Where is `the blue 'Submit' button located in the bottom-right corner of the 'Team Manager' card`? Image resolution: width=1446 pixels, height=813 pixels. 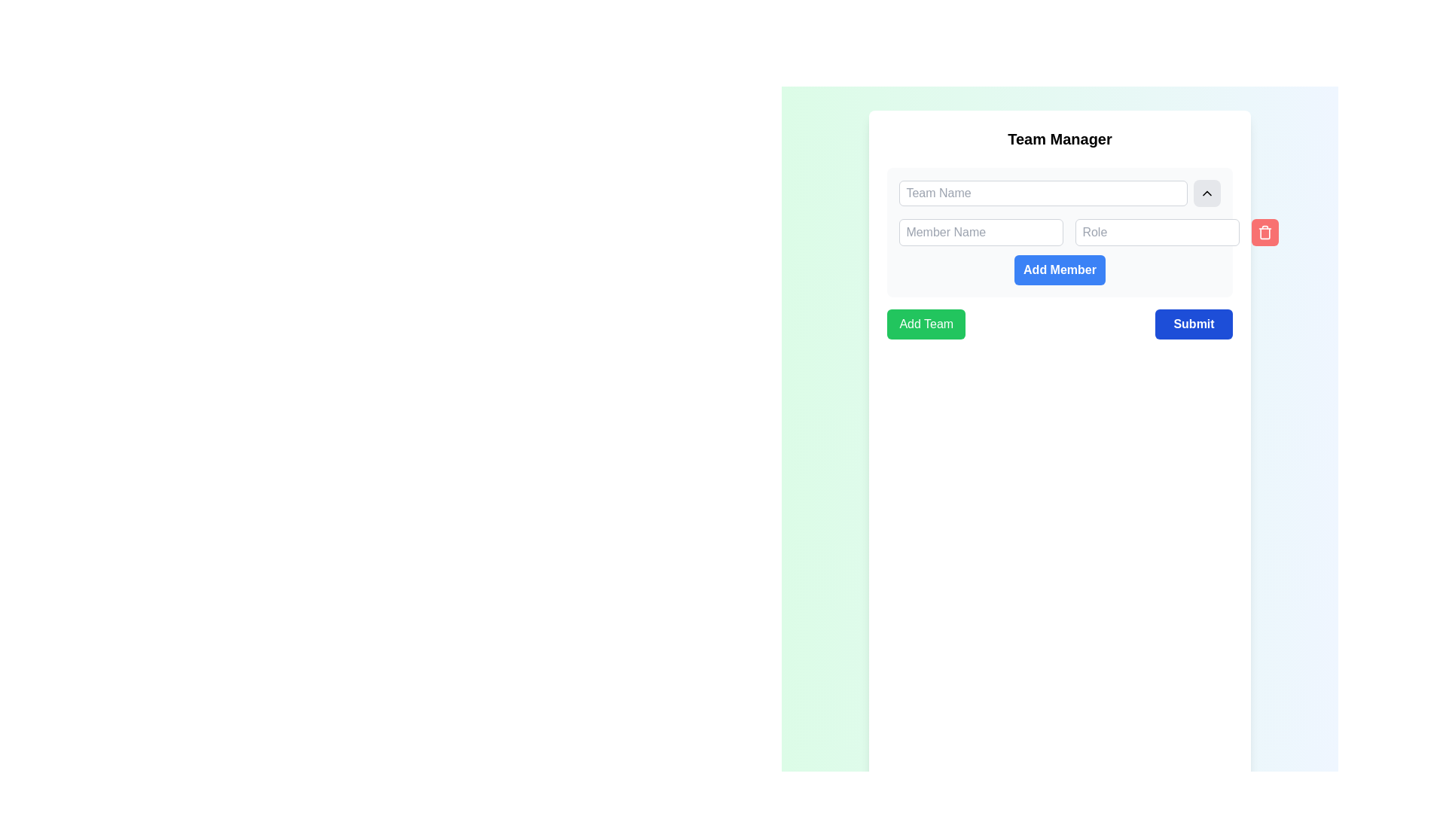 the blue 'Submit' button located in the bottom-right corner of the 'Team Manager' card is located at coordinates (1193, 324).